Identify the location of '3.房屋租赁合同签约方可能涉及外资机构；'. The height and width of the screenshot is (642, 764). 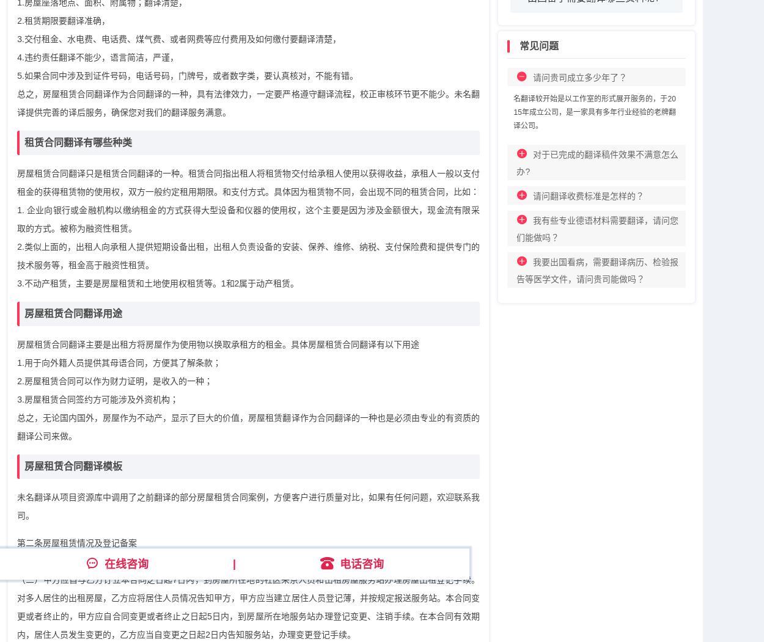
(97, 398).